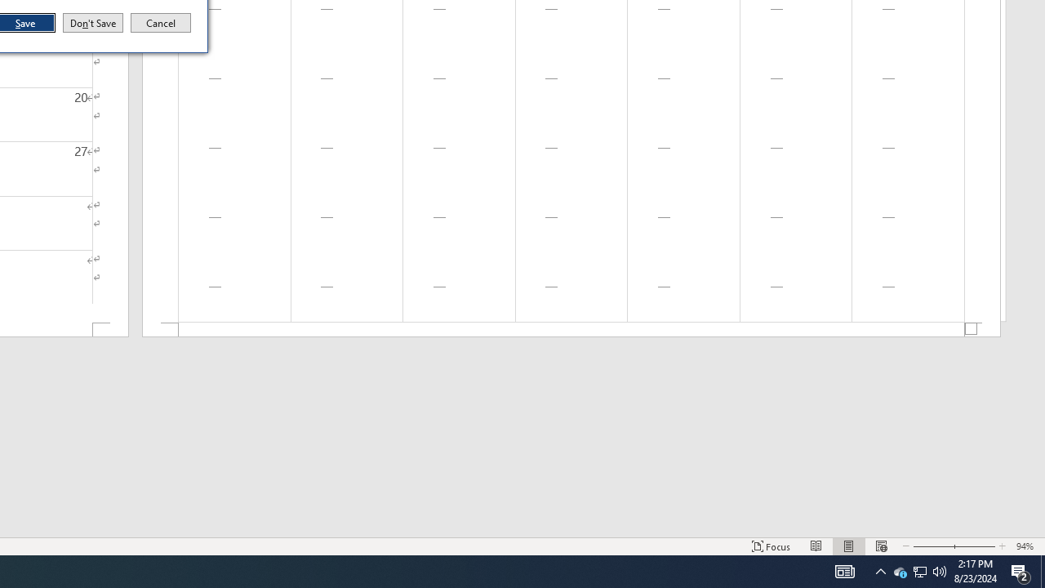 Image resolution: width=1045 pixels, height=588 pixels. What do you see at coordinates (974, 546) in the screenshot?
I see `'Zoom In'` at bounding box center [974, 546].